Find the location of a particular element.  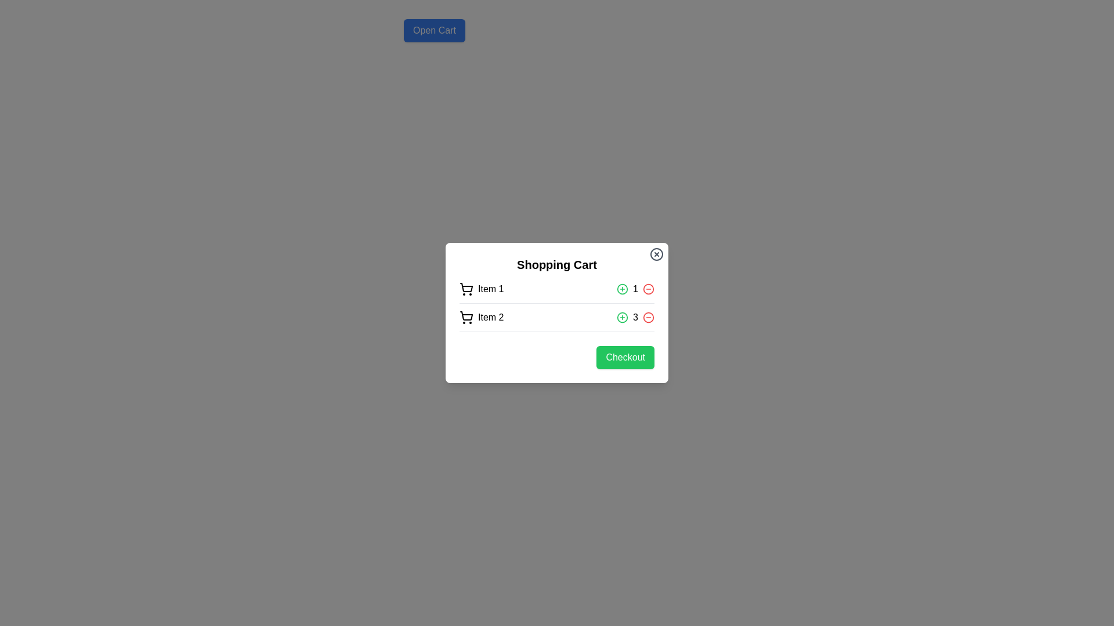

the text label indicating the name or description of the first product in the shopping cart, which is positioned horizontally to the right of the shopping cart icon and above the 'Item 2' row is located at coordinates (491, 288).